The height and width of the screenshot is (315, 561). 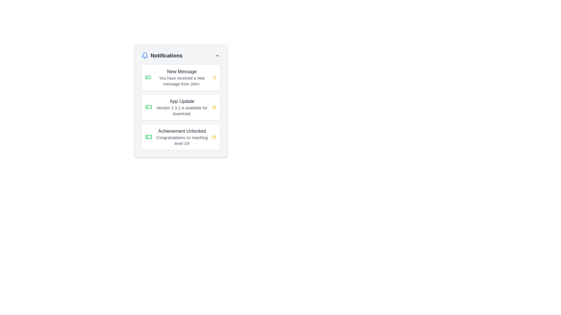 I want to click on text displayed in the second notification box titled 'Notifications', which conveys information about a new app update and its version (2.3.1), so click(x=182, y=107).